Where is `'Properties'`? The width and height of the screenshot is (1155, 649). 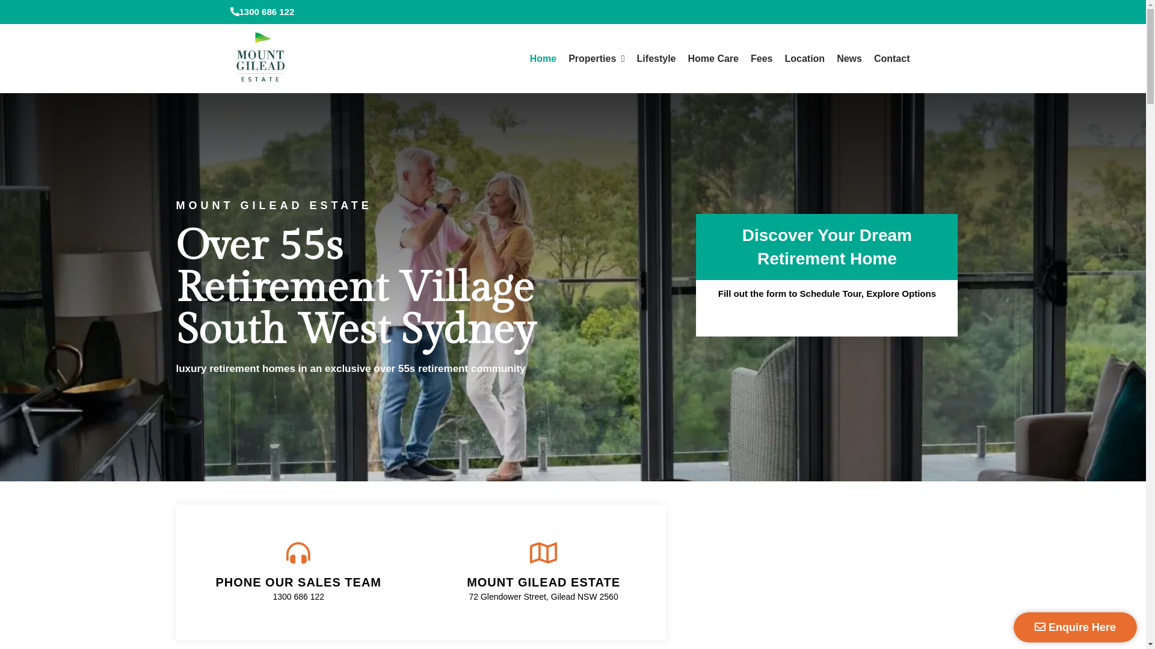
'Properties' is located at coordinates (596, 58).